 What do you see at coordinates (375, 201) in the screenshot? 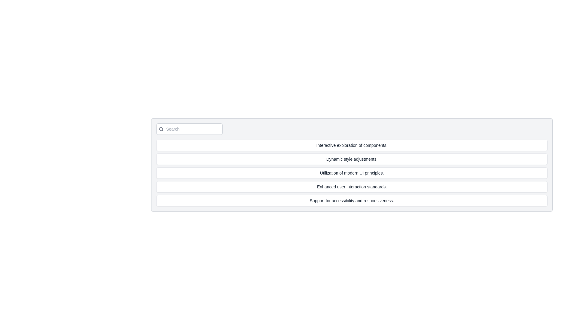
I see `the last letter of the word 'responsiveness' in the text area that reads 'Support for accessibility and responsiveness.'` at bounding box center [375, 201].